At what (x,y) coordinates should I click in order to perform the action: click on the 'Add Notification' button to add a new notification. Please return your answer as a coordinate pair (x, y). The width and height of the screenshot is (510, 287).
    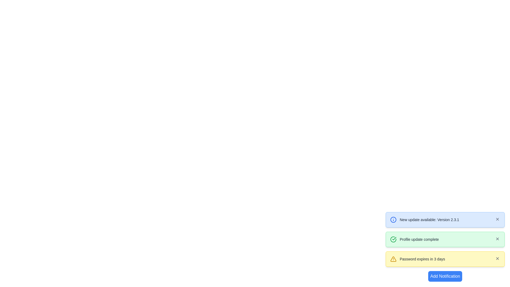
    Looking at the image, I should click on (445, 276).